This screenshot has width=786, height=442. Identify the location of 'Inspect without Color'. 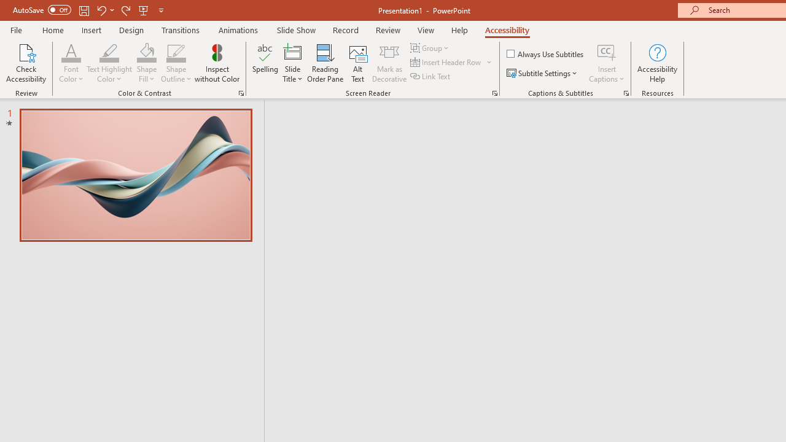
(217, 63).